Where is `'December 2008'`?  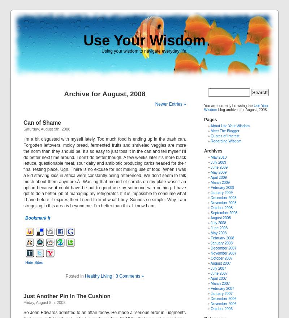 'December 2008' is located at coordinates (223, 197).